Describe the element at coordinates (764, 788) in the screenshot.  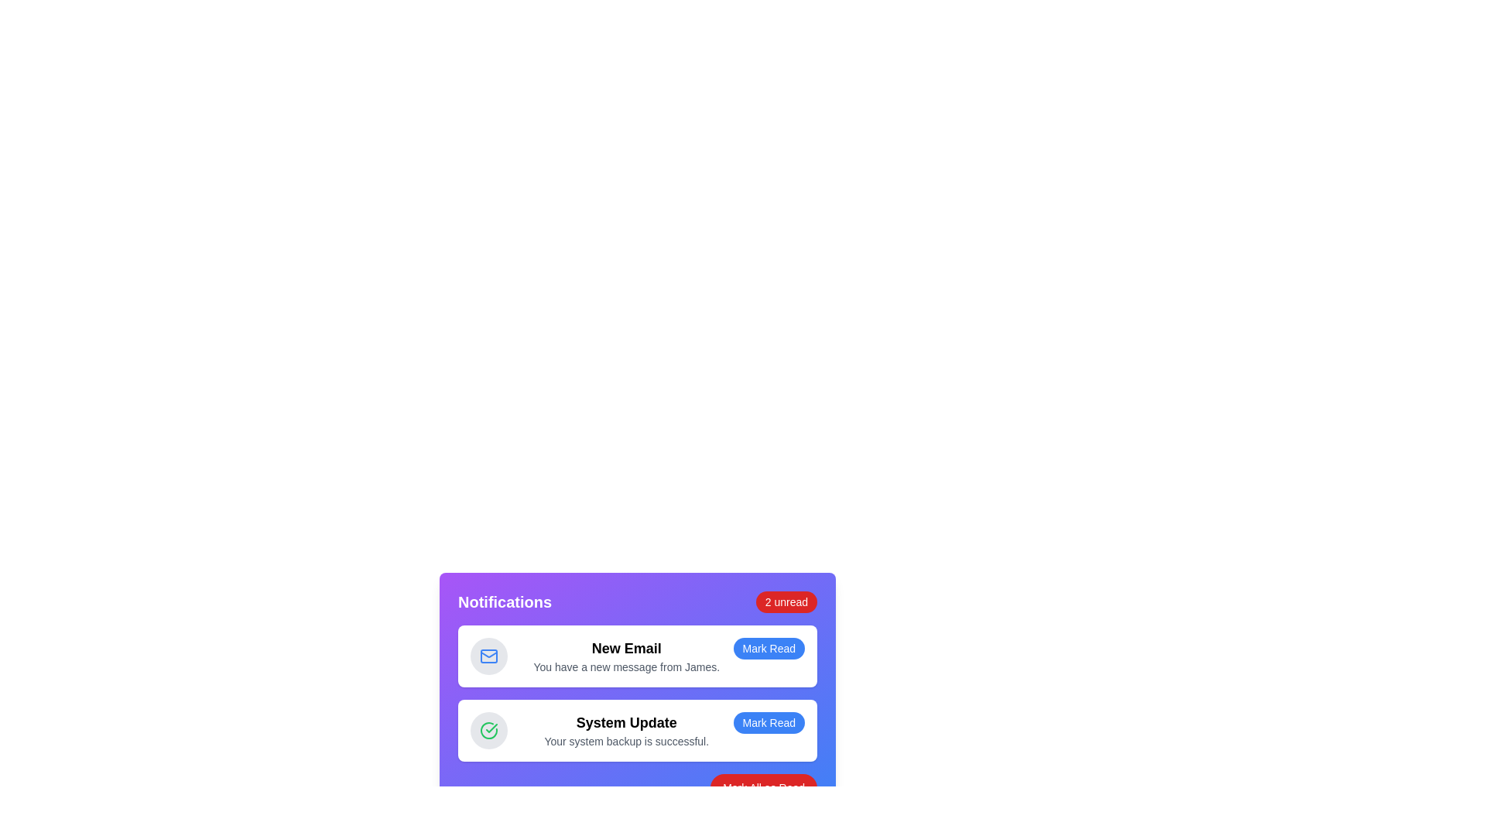
I see `the button located at the bottom-right corner of the notification section to mark all notifications as read` at that location.